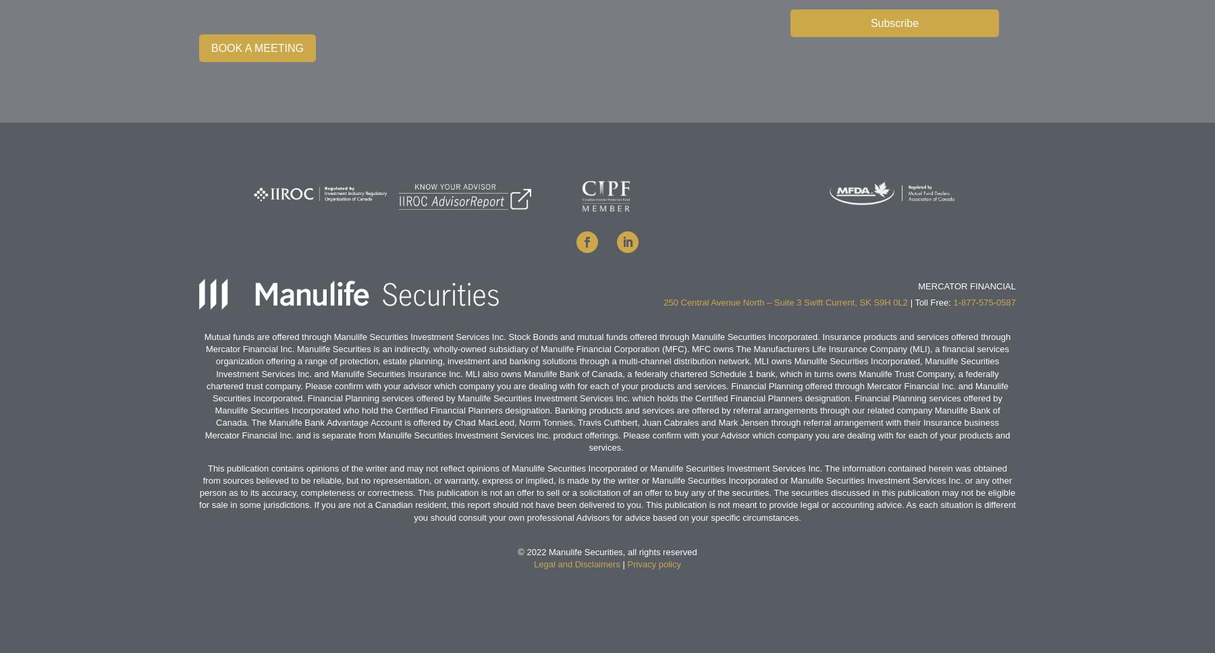 This screenshot has width=1215, height=653. Describe the element at coordinates (607, 422) in the screenshot. I see `'which holds the Certified Financial Planners designation. Financial Planning services offered by Manulife Securities Incorporated who hold the Certified Financial Planners designation. Banking products and services are offered by referral arrangements through our related company Manulife Bank of Canada. The Manulife Bank Advantage Account is offered by Chad MacLeod, Norm Tonnies, Travis Cuthbert, Juan Cabrales and Mark Jensen through referral arrangement with their Insurance business Mercator Financial Inc. and is separate from Manulife Securities Investment Services Inc. product offerings. Please confirm with your Advisor which company you are dealing with for each of your products and services.'` at that location.